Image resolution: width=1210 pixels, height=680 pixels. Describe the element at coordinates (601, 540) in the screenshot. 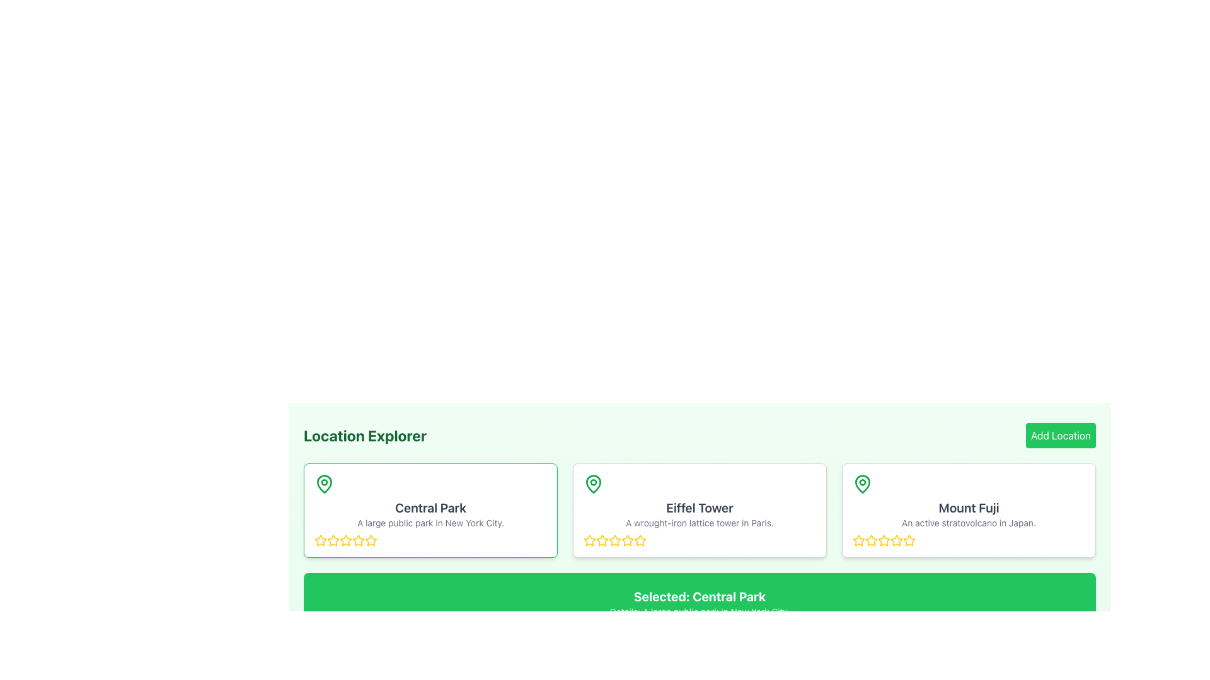

I see `the second star icon from the left` at that location.